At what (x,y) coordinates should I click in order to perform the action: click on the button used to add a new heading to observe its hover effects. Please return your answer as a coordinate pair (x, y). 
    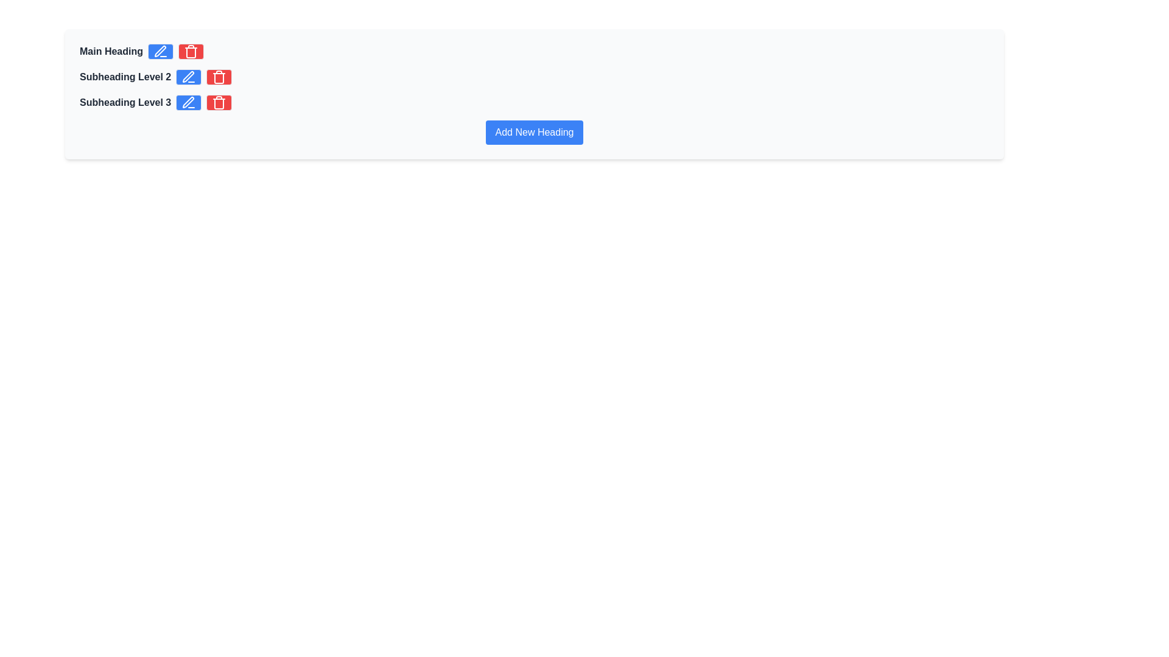
    Looking at the image, I should click on (535, 133).